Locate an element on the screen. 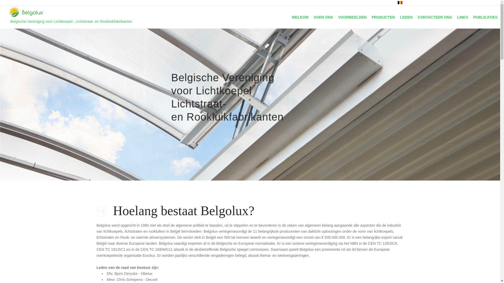 The image size is (504, 283). 'Nederlands' is located at coordinates (399, 3).